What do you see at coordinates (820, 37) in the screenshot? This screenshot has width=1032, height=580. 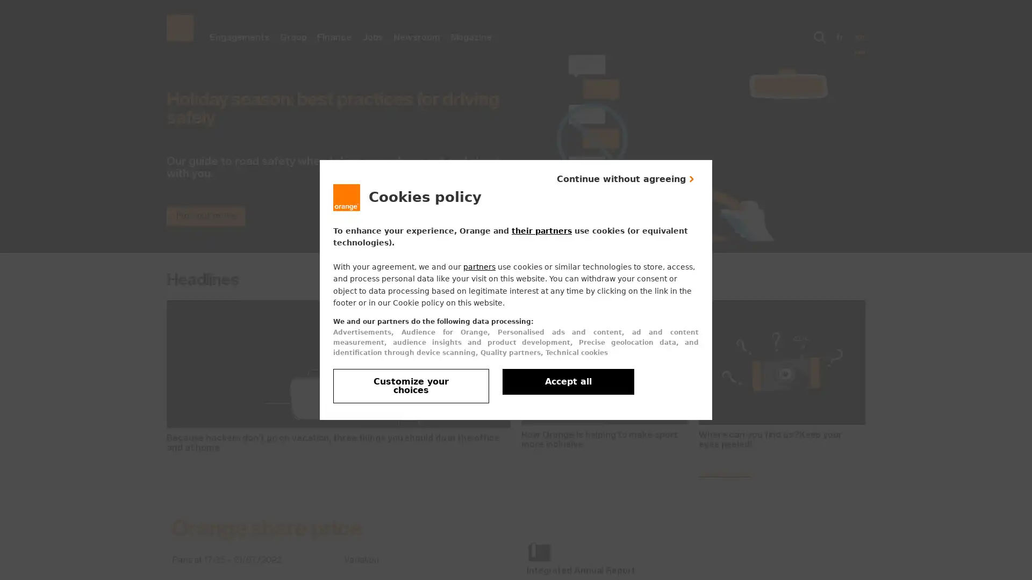 I see `Algolia Search bar` at bounding box center [820, 37].